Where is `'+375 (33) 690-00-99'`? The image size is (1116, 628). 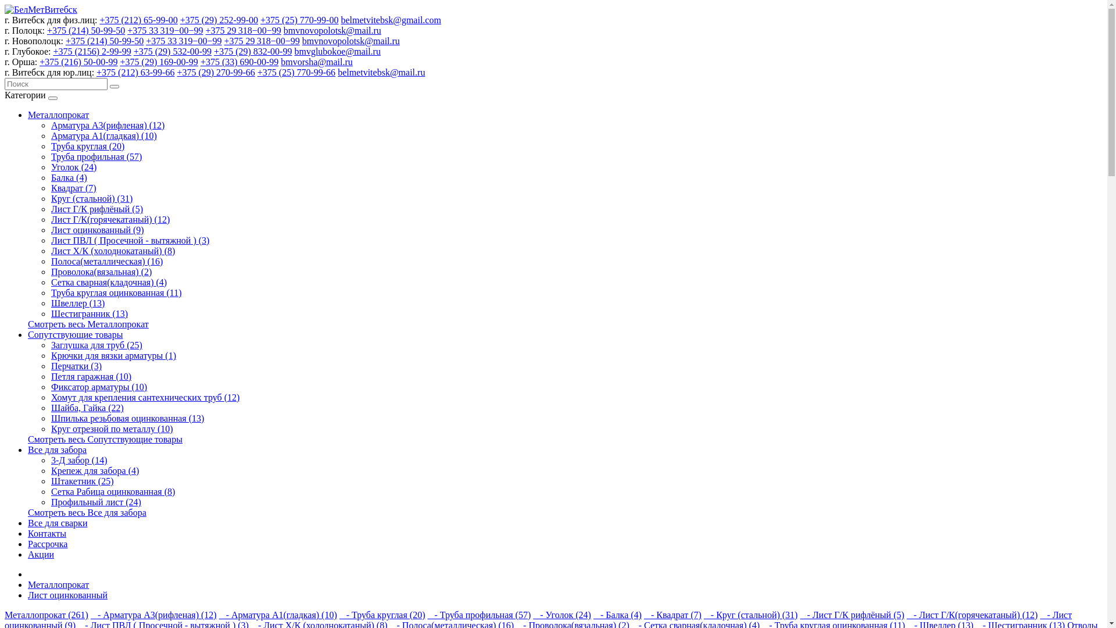 '+375 (33) 690-00-99' is located at coordinates (239, 62).